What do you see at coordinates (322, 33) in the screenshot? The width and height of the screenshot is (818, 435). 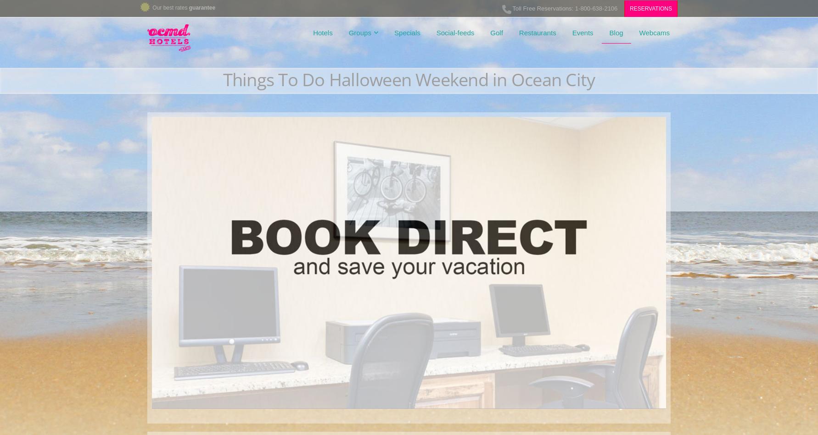 I see `'Hotels'` at bounding box center [322, 33].